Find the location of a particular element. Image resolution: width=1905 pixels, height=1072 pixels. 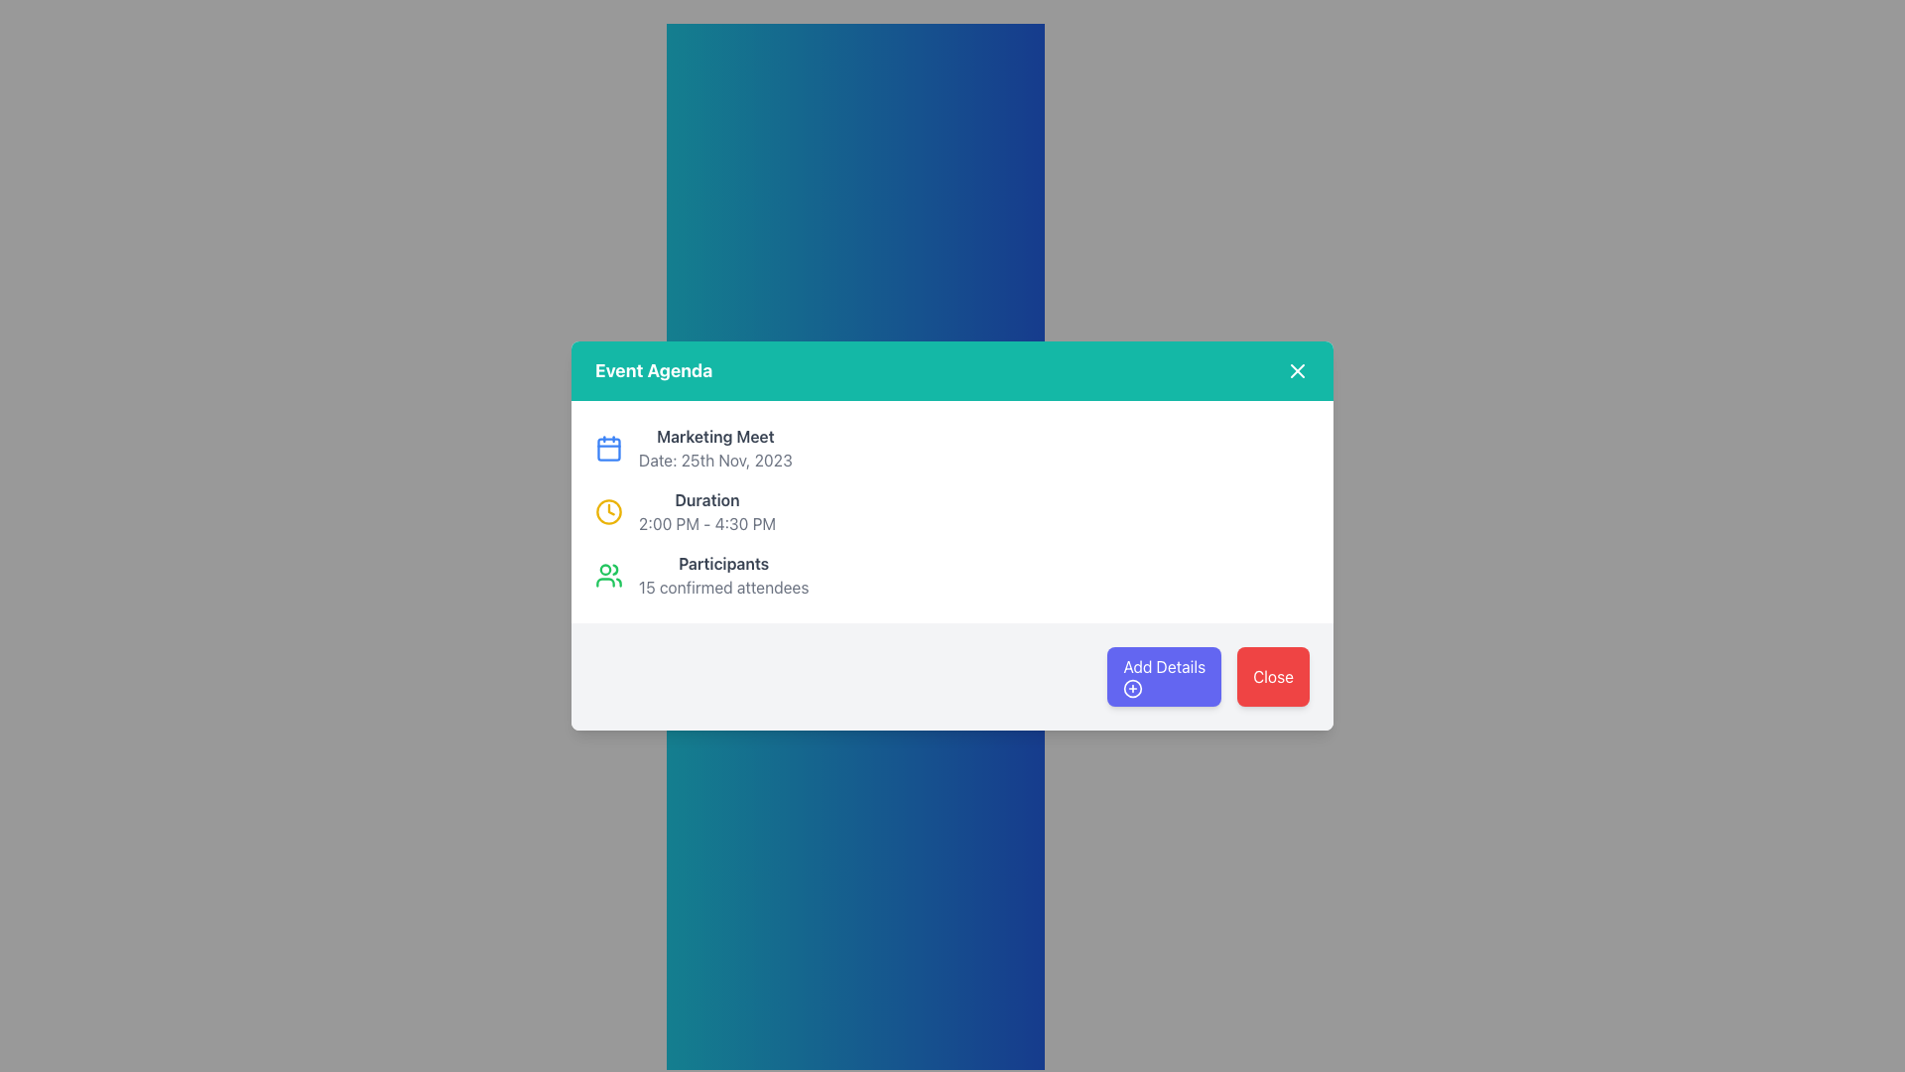

the icon indicating the participants section, which is located in the third row next to the text 'Participants' is located at coordinates (608, 575).